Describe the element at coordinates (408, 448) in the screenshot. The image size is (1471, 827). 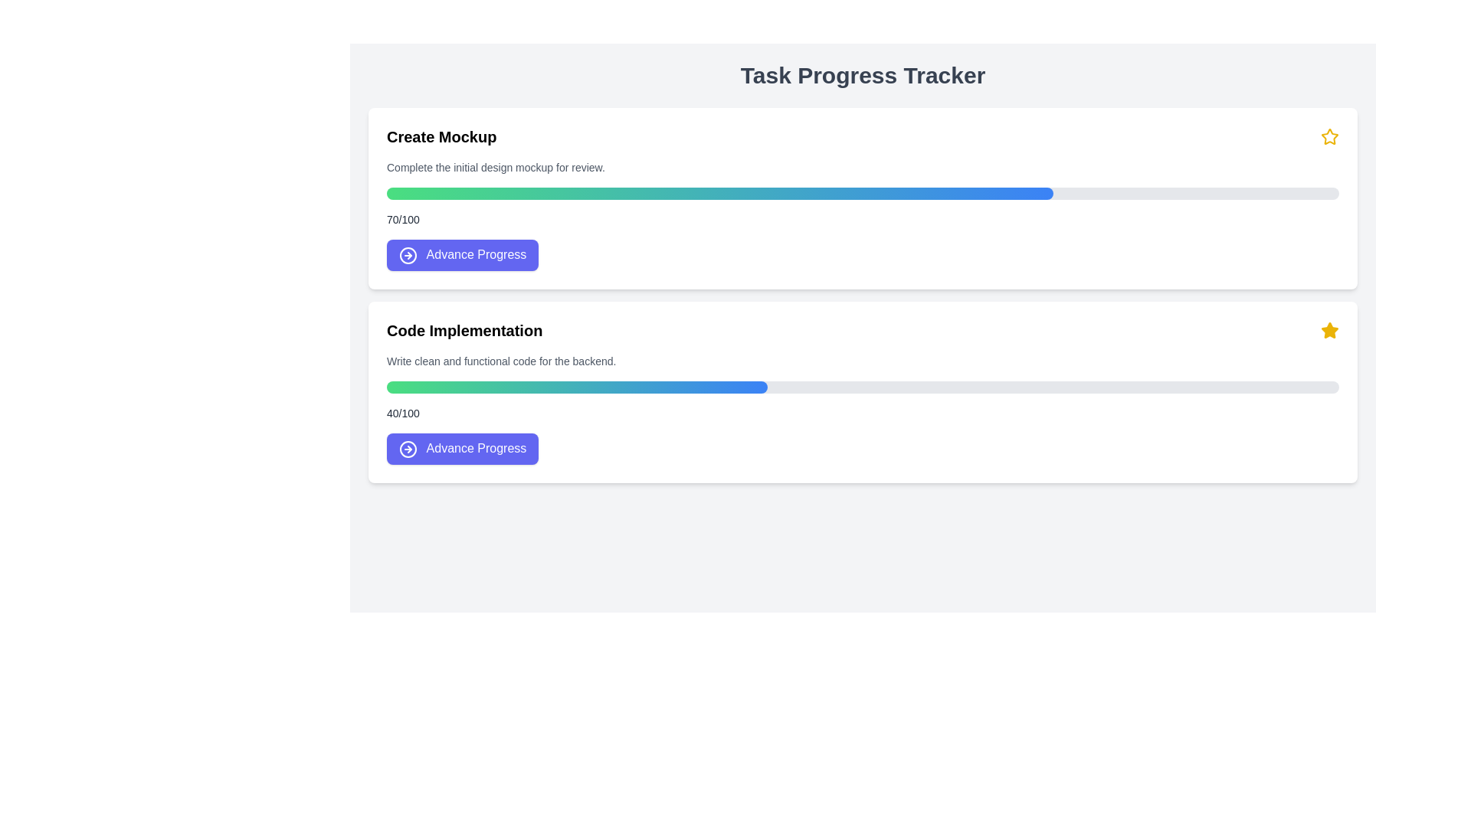
I see `the circular icon with a right-pointing arrow, styled with a blue background and white stroke lines, located within the 'Advance Progress' button in the second task section` at that location.